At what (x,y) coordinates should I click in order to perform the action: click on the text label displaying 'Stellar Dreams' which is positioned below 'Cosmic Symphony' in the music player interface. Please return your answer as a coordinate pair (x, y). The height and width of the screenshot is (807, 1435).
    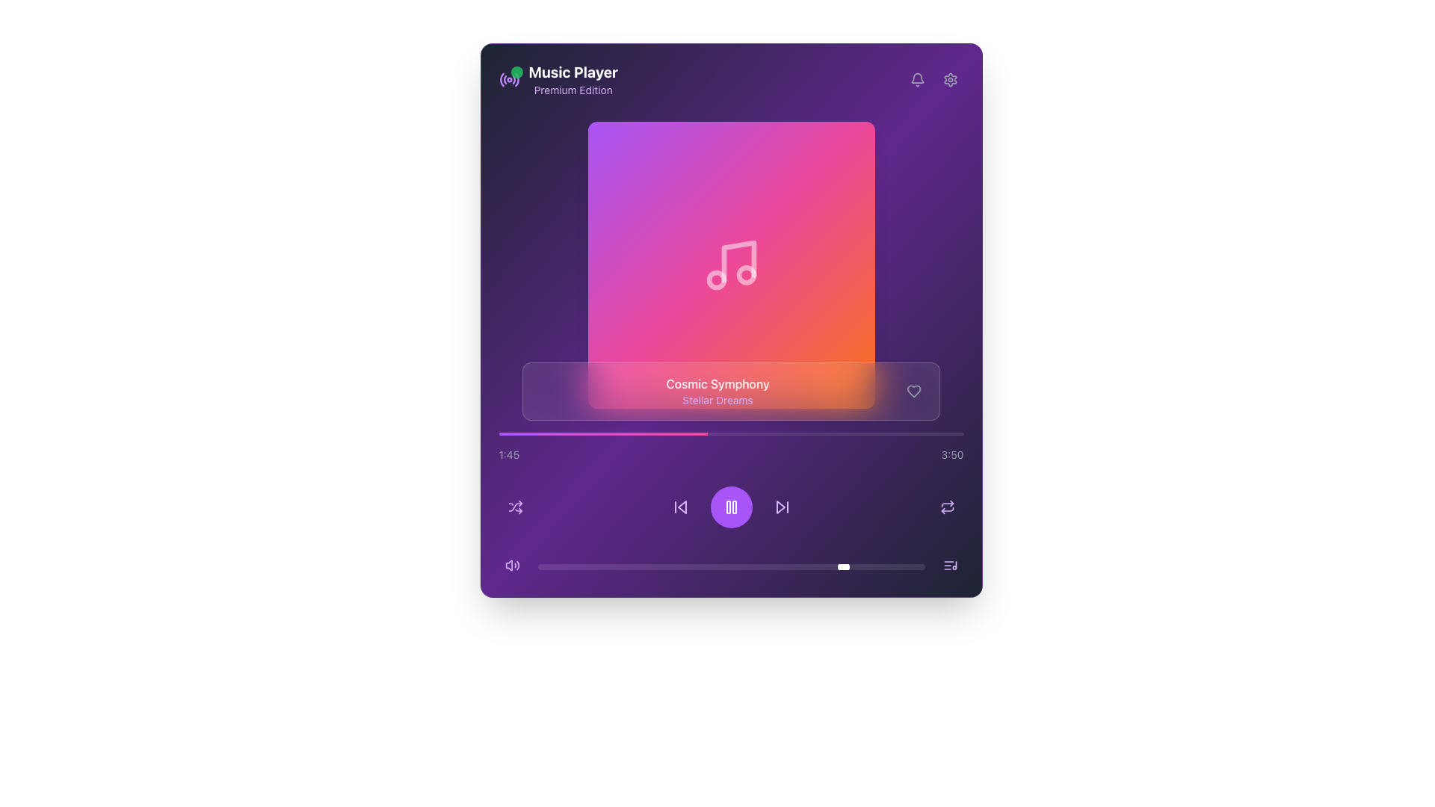
    Looking at the image, I should click on (717, 400).